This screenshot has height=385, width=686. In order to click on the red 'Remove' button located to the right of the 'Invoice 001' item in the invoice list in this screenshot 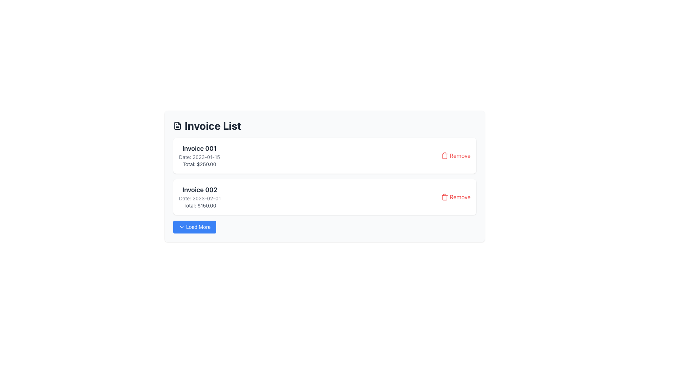, I will do `click(456, 155)`.